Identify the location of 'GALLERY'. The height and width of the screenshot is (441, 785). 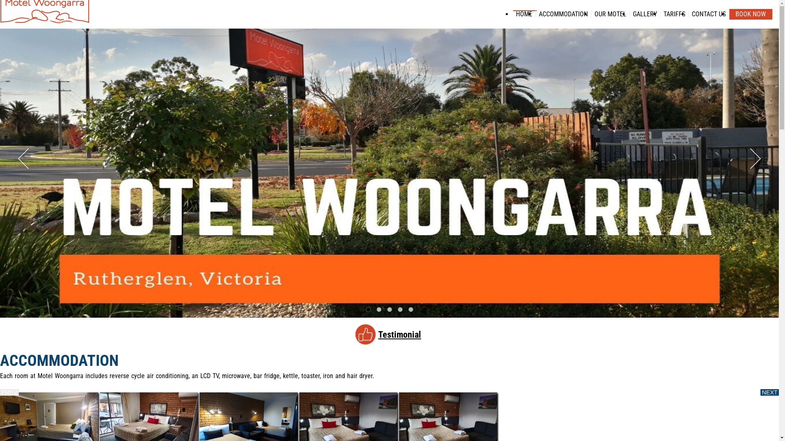
(644, 14).